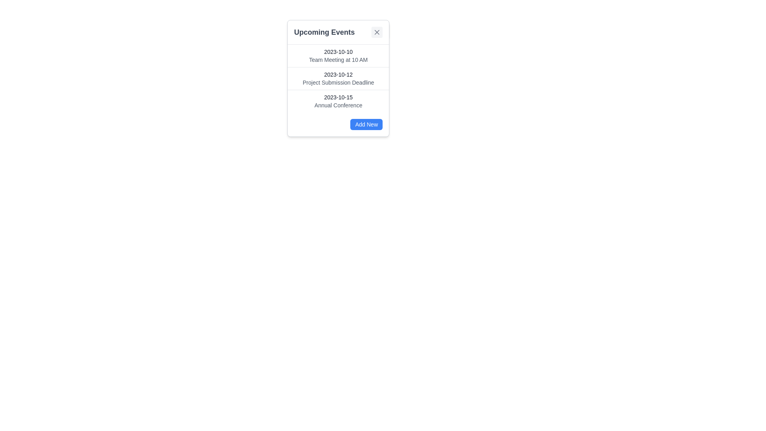 This screenshot has height=431, width=766. I want to click on the close button with an 'X' icon in dark gray located in the top-right corner of the 'Upcoming Events' panel, so click(377, 32).